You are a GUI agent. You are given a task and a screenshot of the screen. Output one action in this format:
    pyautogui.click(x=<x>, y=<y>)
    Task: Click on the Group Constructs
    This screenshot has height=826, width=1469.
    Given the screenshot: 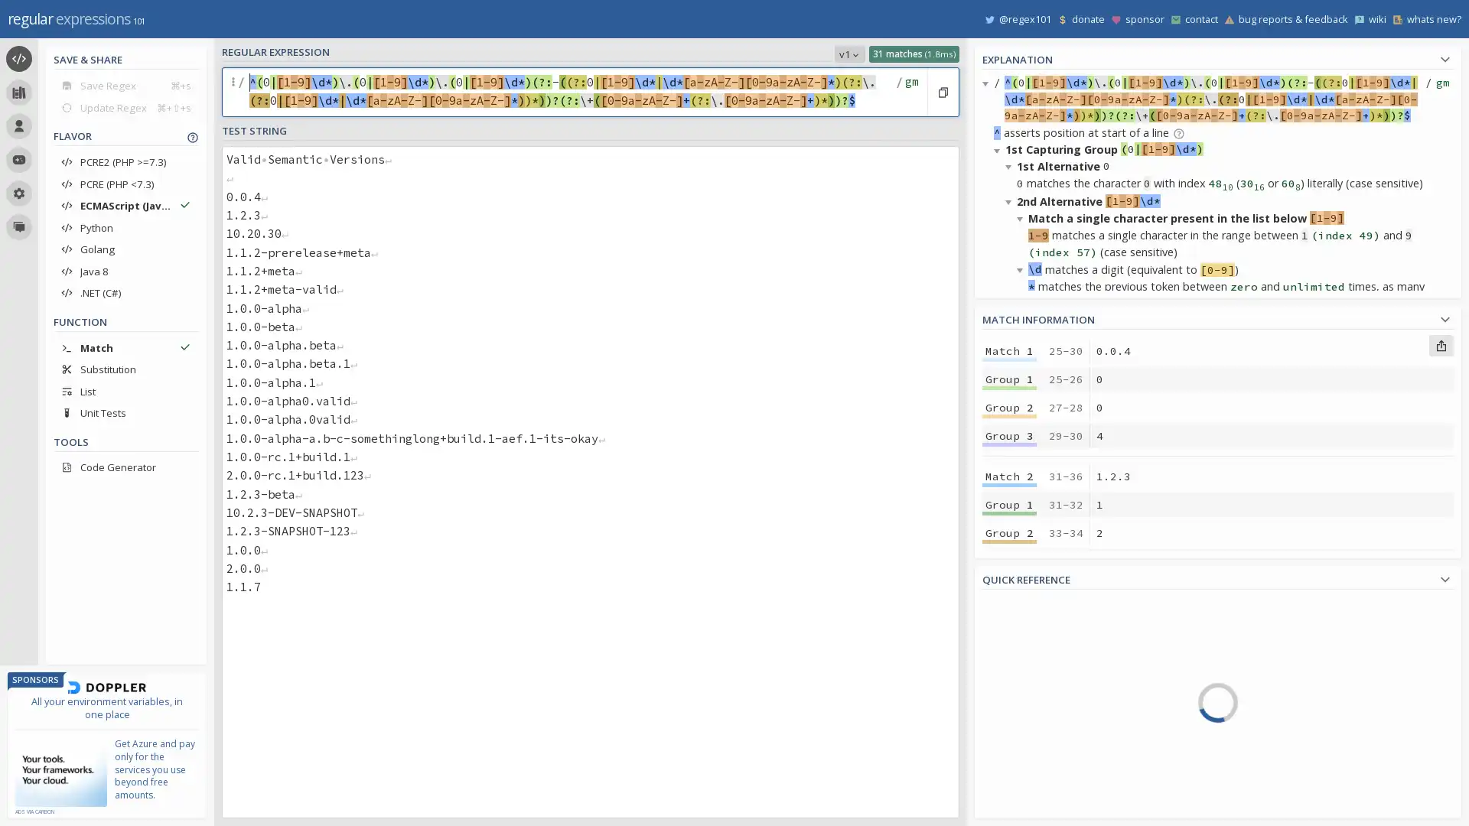 What is the action you would take?
    pyautogui.click(x=1054, y=766)
    